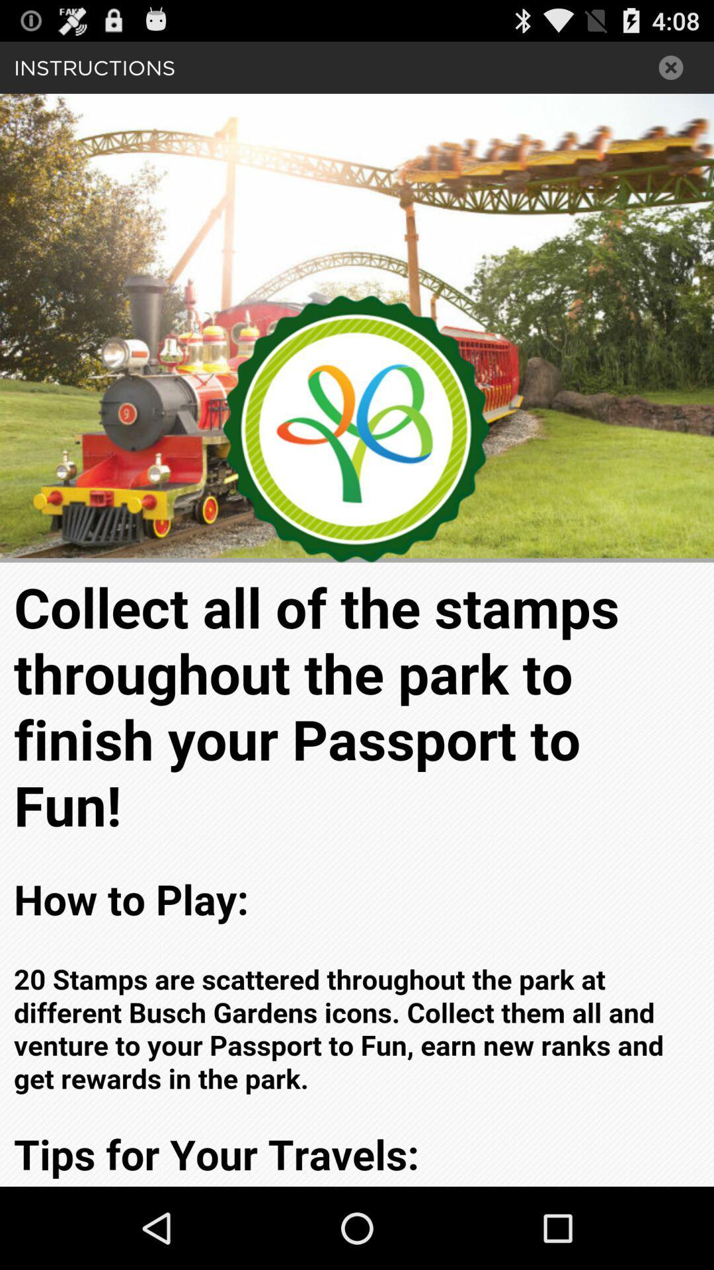  What do you see at coordinates (671, 71) in the screenshot?
I see `the close icon` at bounding box center [671, 71].